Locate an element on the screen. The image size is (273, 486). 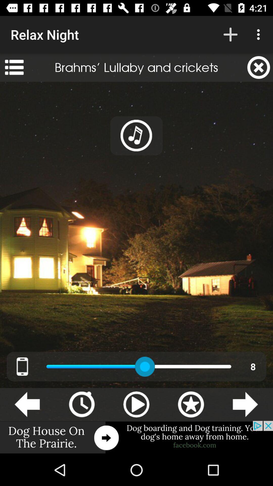
app below the brahms lullaby and item is located at coordinates (136, 136).